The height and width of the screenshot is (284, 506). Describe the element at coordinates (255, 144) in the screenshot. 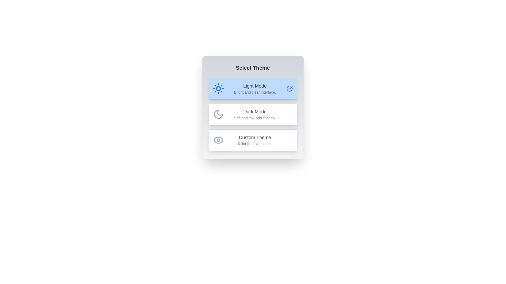

I see `text content of the descriptive label saying 'Tailor the experience.' located below the main heading 'Custom Theme'` at that location.